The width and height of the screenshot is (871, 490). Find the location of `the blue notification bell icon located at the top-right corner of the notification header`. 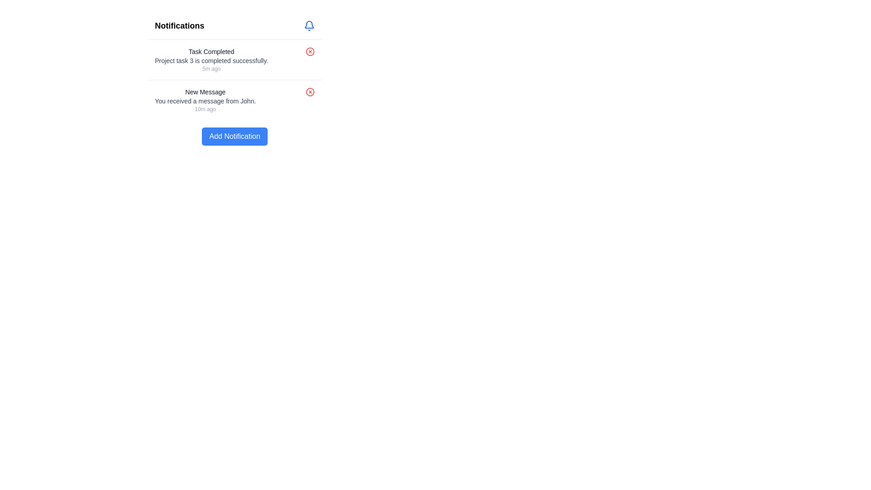

the blue notification bell icon located at the top-right corner of the notification header is located at coordinates (309, 25).